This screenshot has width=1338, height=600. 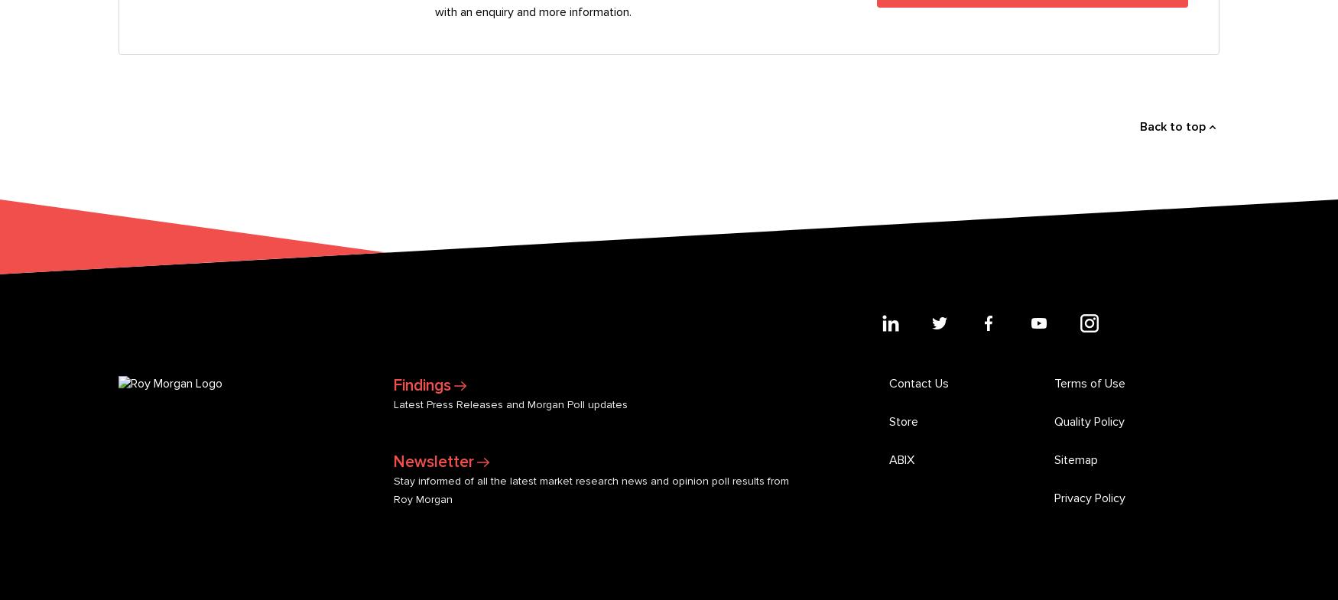 I want to click on 'Quality Policy', so click(x=1089, y=162).